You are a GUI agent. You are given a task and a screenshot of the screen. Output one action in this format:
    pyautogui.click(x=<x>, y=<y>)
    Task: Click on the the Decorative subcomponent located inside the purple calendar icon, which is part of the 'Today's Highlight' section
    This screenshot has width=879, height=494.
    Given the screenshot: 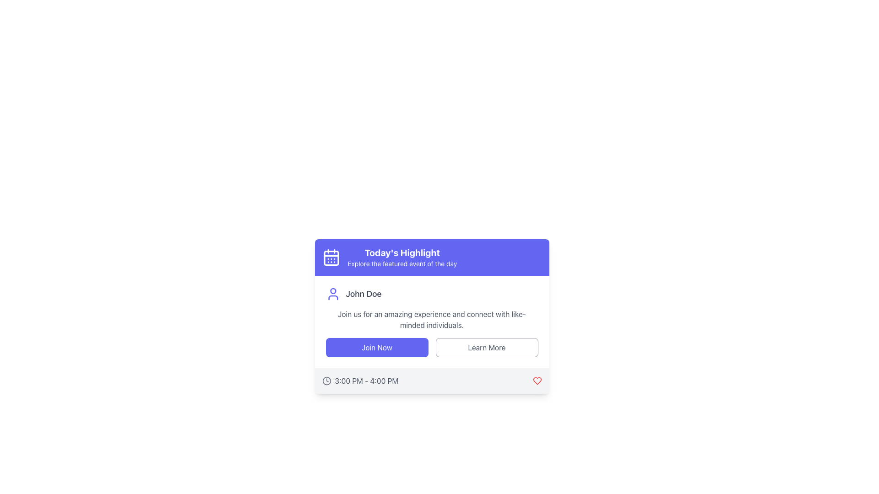 What is the action you would take?
    pyautogui.click(x=331, y=258)
    